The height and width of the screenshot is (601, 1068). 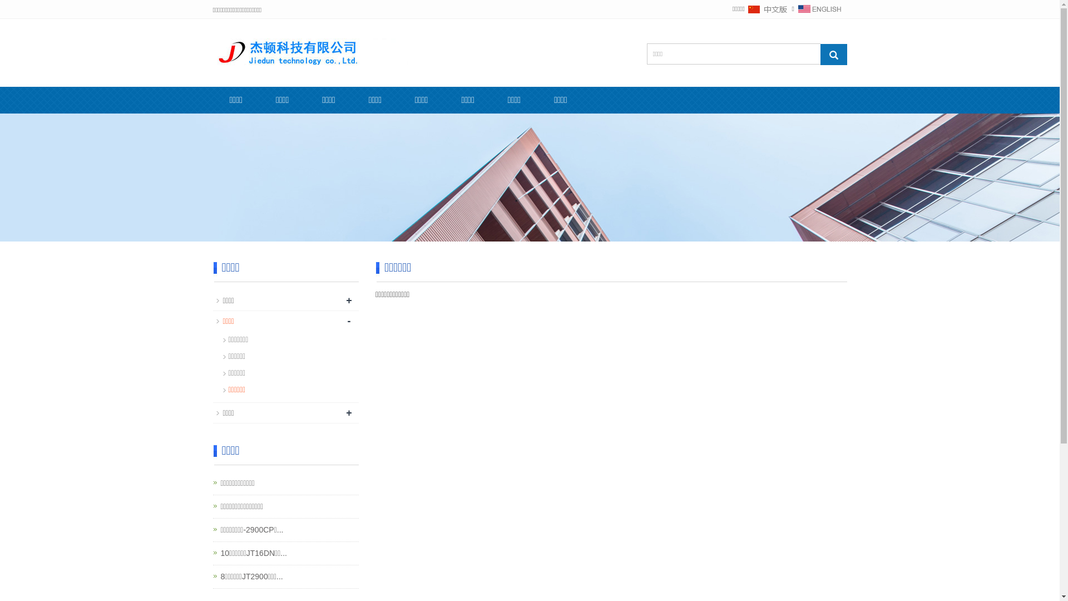 What do you see at coordinates (797, 8) in the screenshot?
I see `'English'` at bounding box center [797, 8].